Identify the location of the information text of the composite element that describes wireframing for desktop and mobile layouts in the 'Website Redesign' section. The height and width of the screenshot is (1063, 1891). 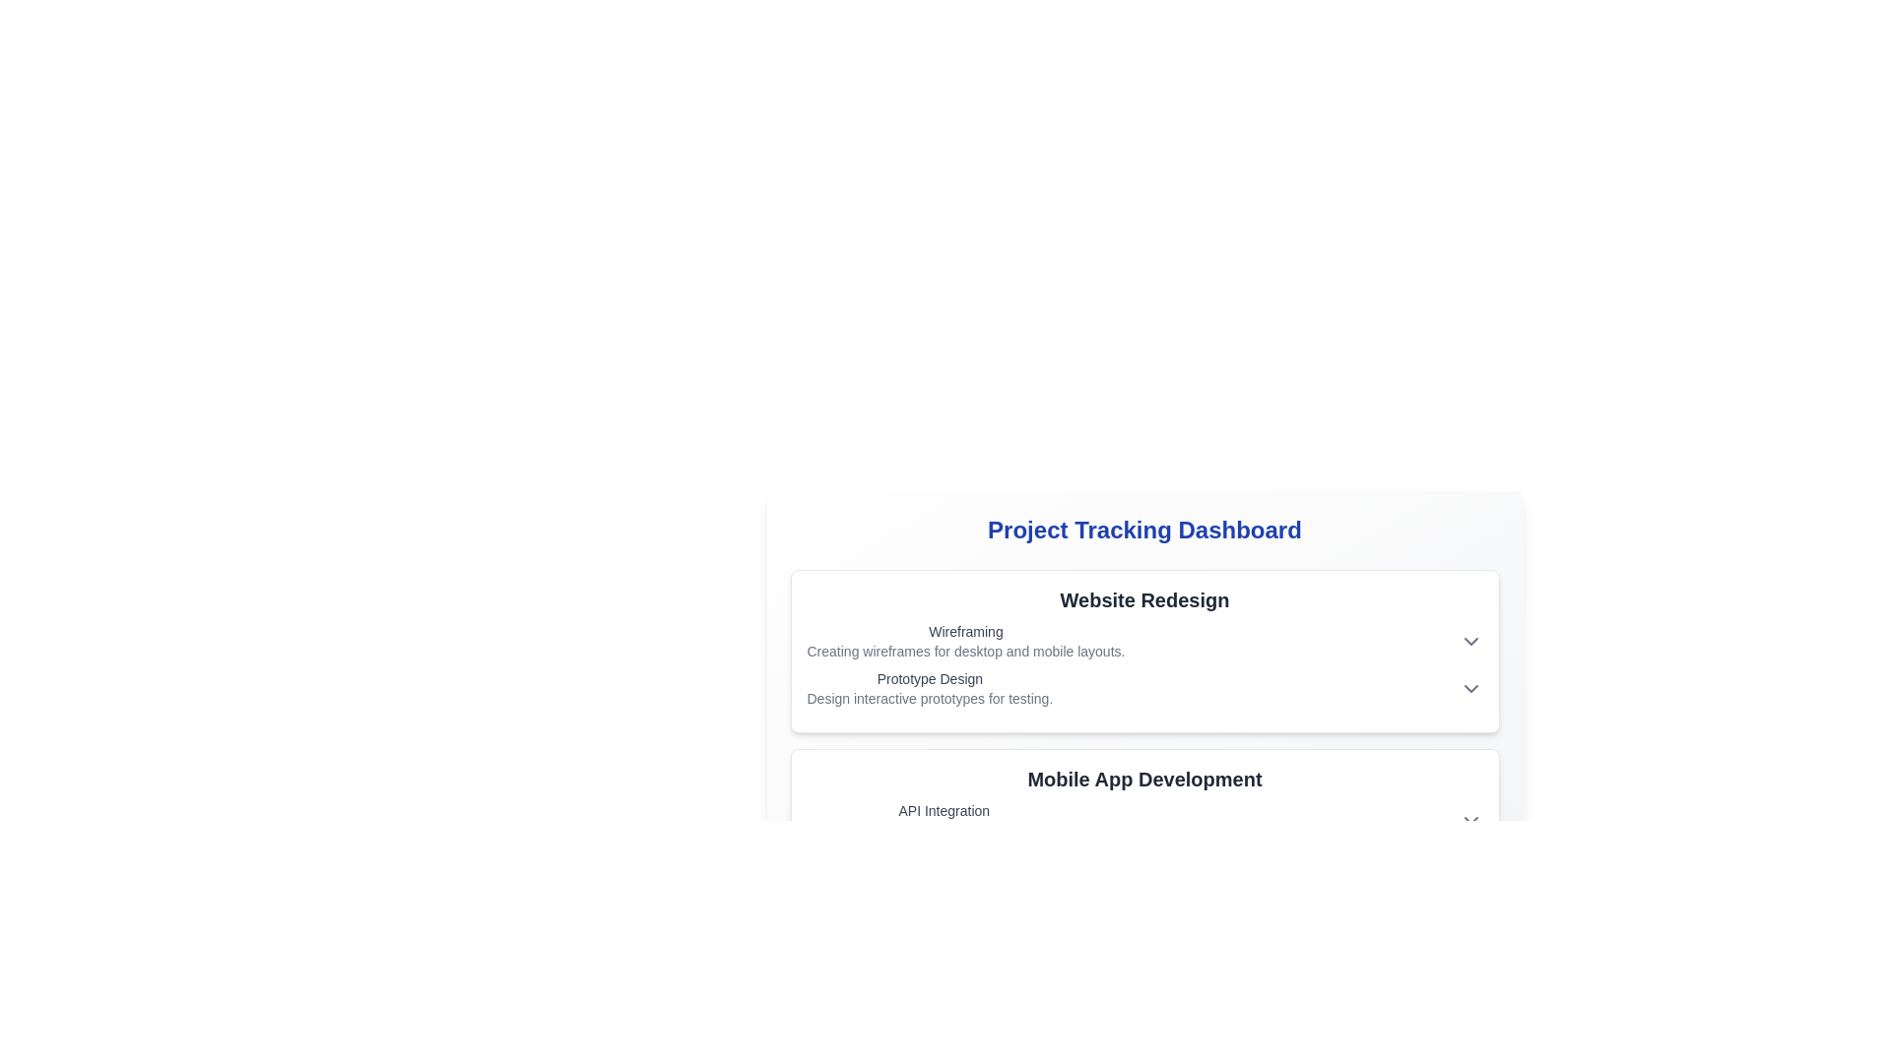
(1144, 641).